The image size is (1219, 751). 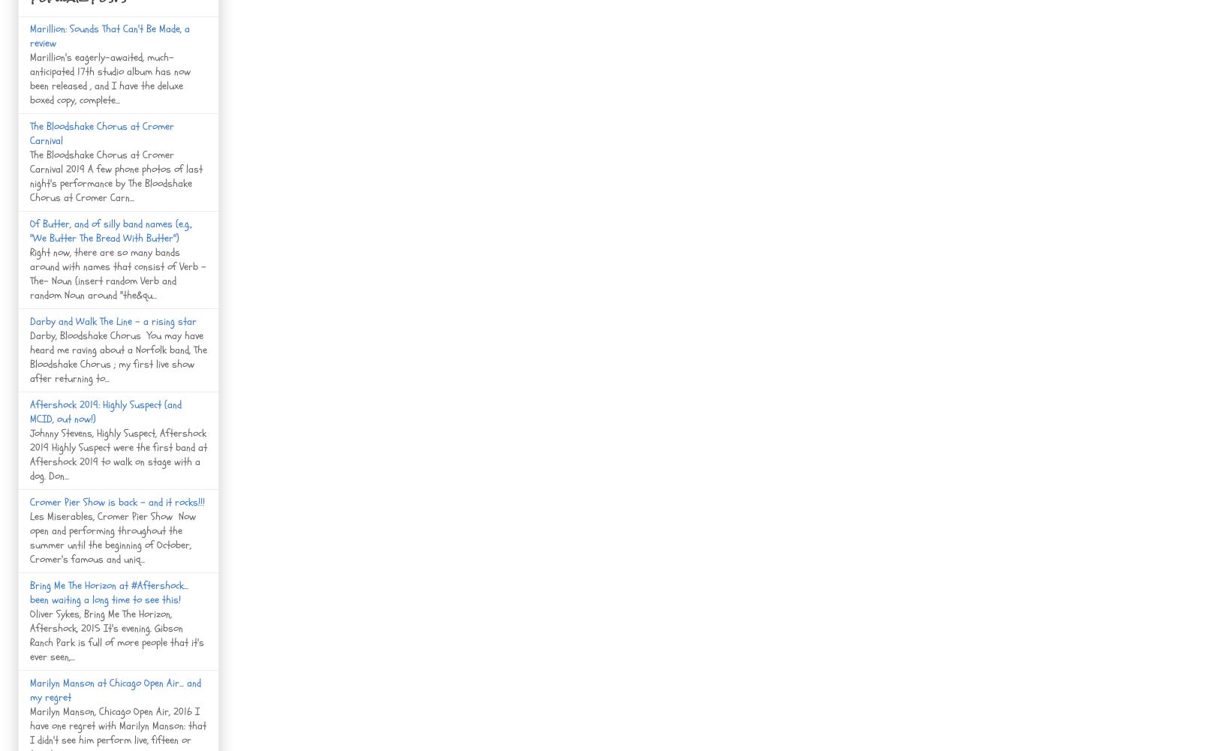 What do you see at coordinates (117, 500) in the screenshot?
I see `'Cromer Pier Show is back - and it rocks!!!'` at bounding box center [117, 500].